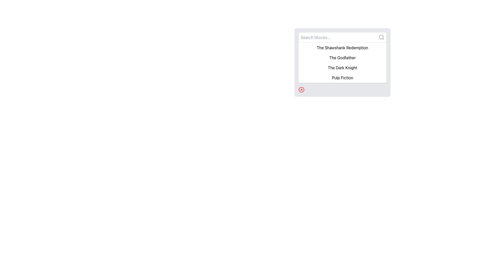 This screenshot has width=480, height=270. I want to click on the list item representing the movie 'The Godfather' in the dropdown menu, so click(342, 57).